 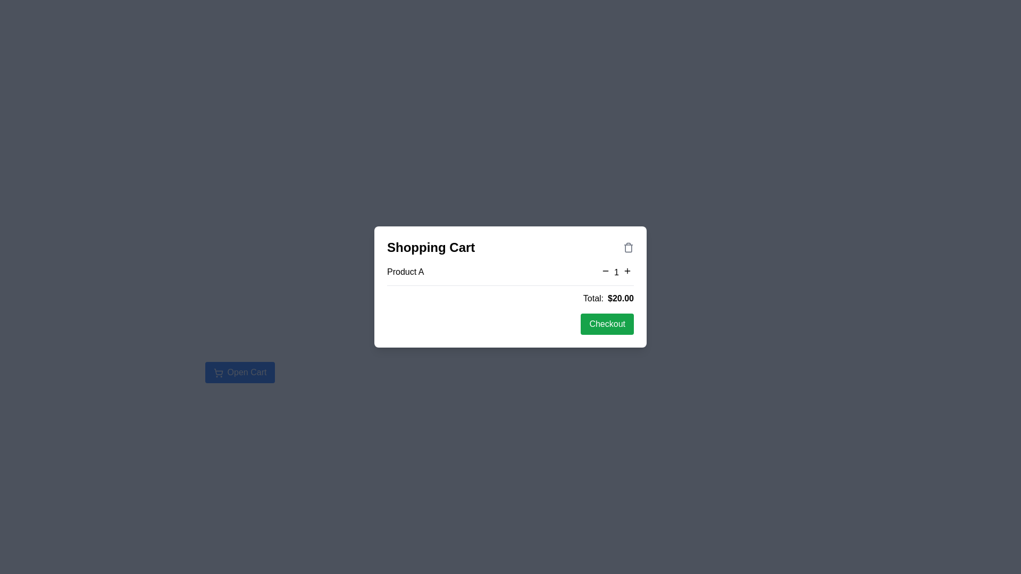 What do you see at coordinates (592, 298) in the screenshot?
I see `the label indicating the total cost in the shopping cart` at bounding box center [592, 298].